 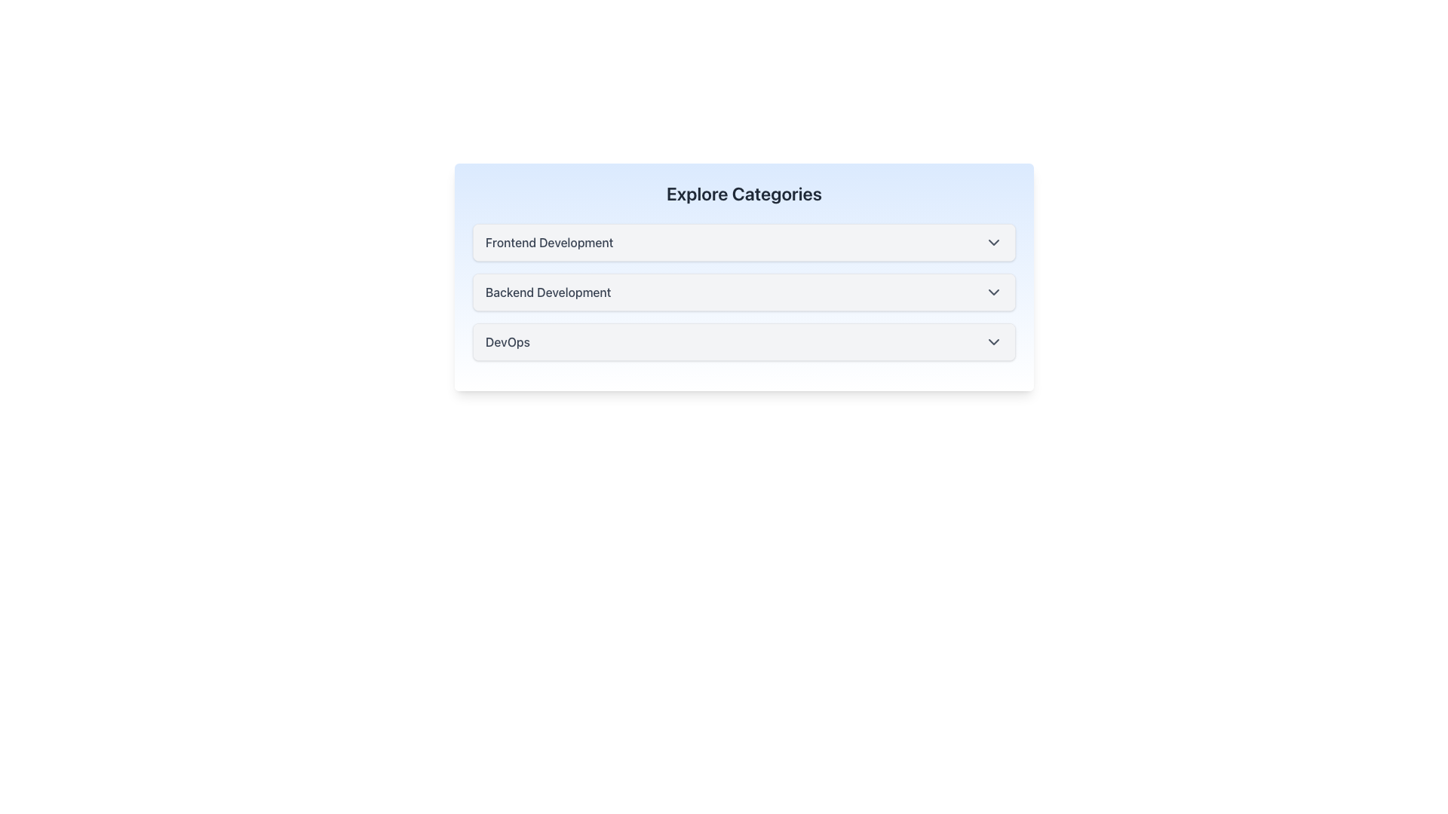 What do you see at coordinates (994, 241) in the screenshot?
I see `the dropdown indicator icon located at the far-right end of the 'Frontend Development' list item` at bounding box center [994, 241].